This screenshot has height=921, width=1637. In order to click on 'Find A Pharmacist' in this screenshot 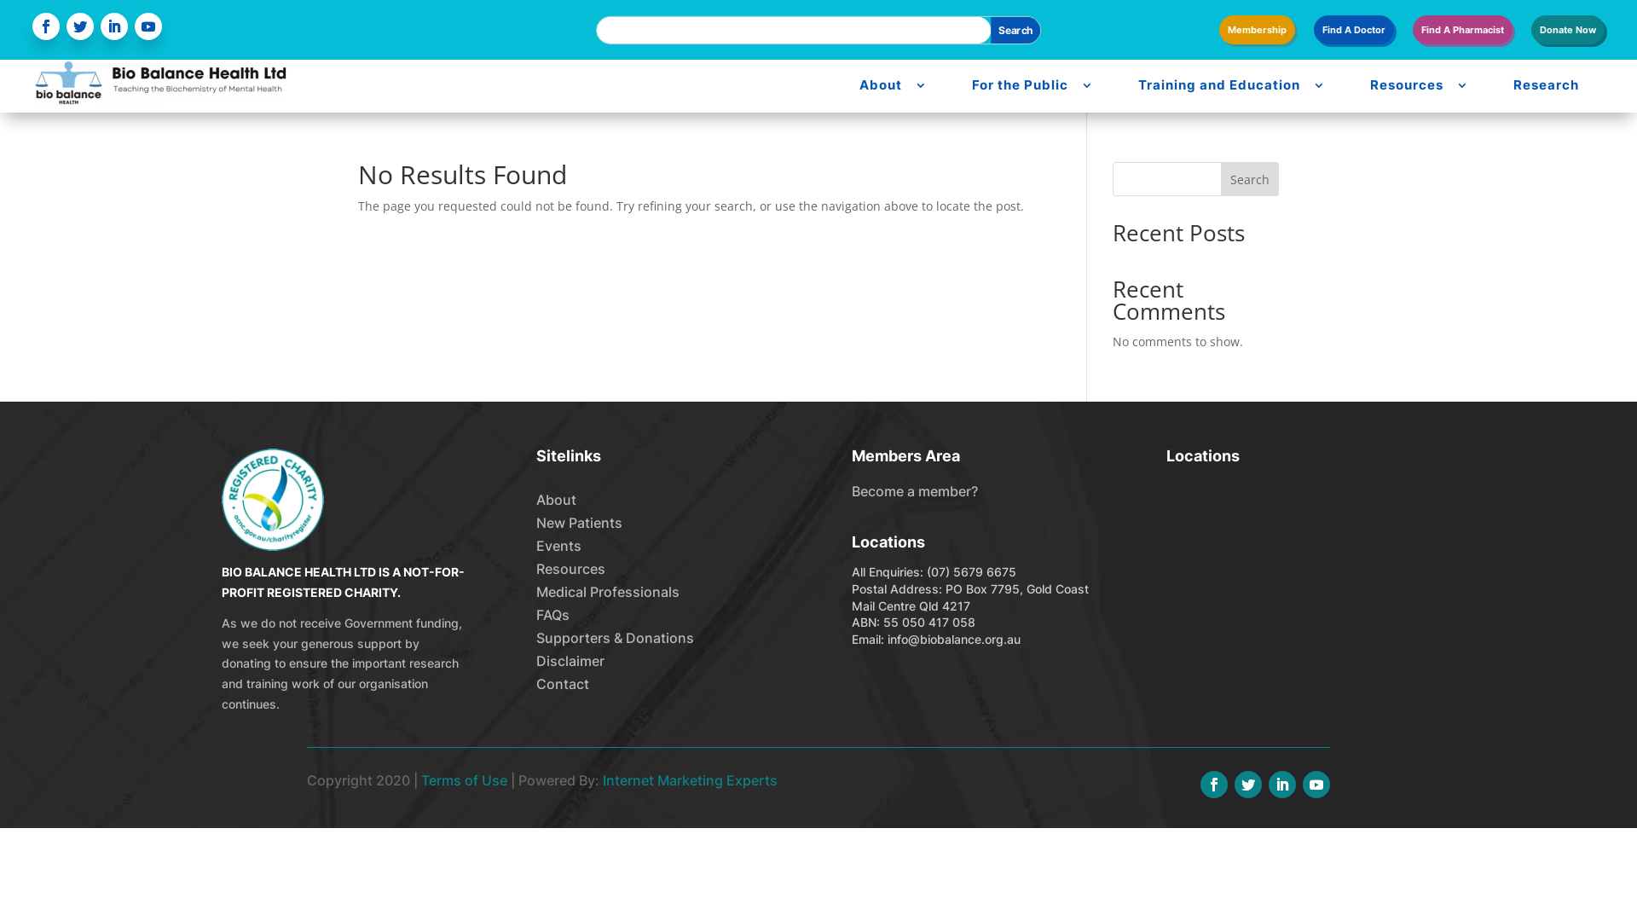, I will do `click(1461, 32)`.